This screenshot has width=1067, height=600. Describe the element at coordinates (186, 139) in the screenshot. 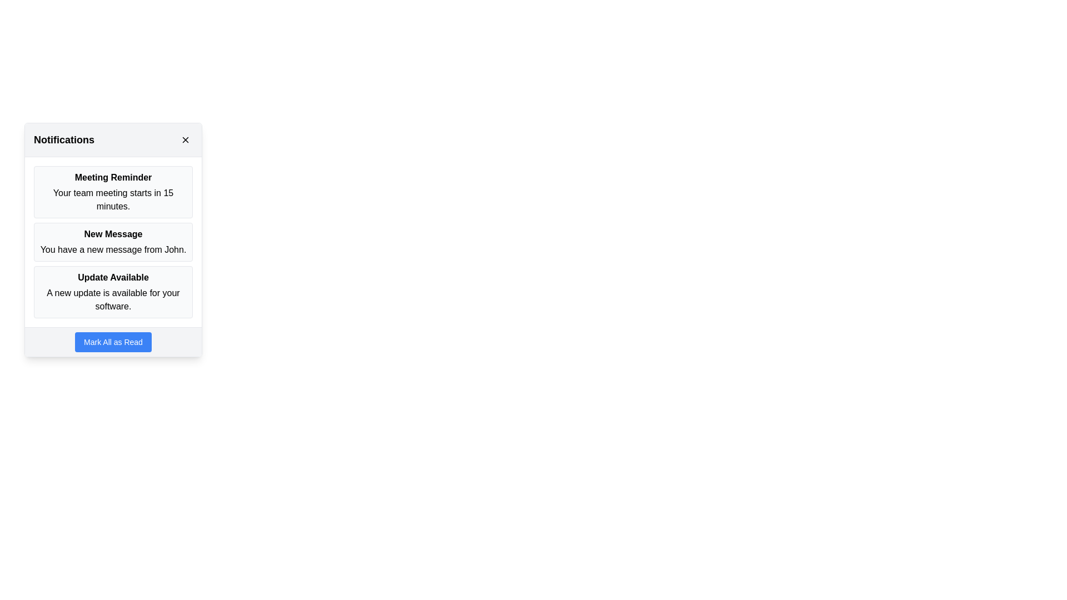

I see `the 'X' icon close button located in the top-right corner of the 'Notifications' panel` at that location.